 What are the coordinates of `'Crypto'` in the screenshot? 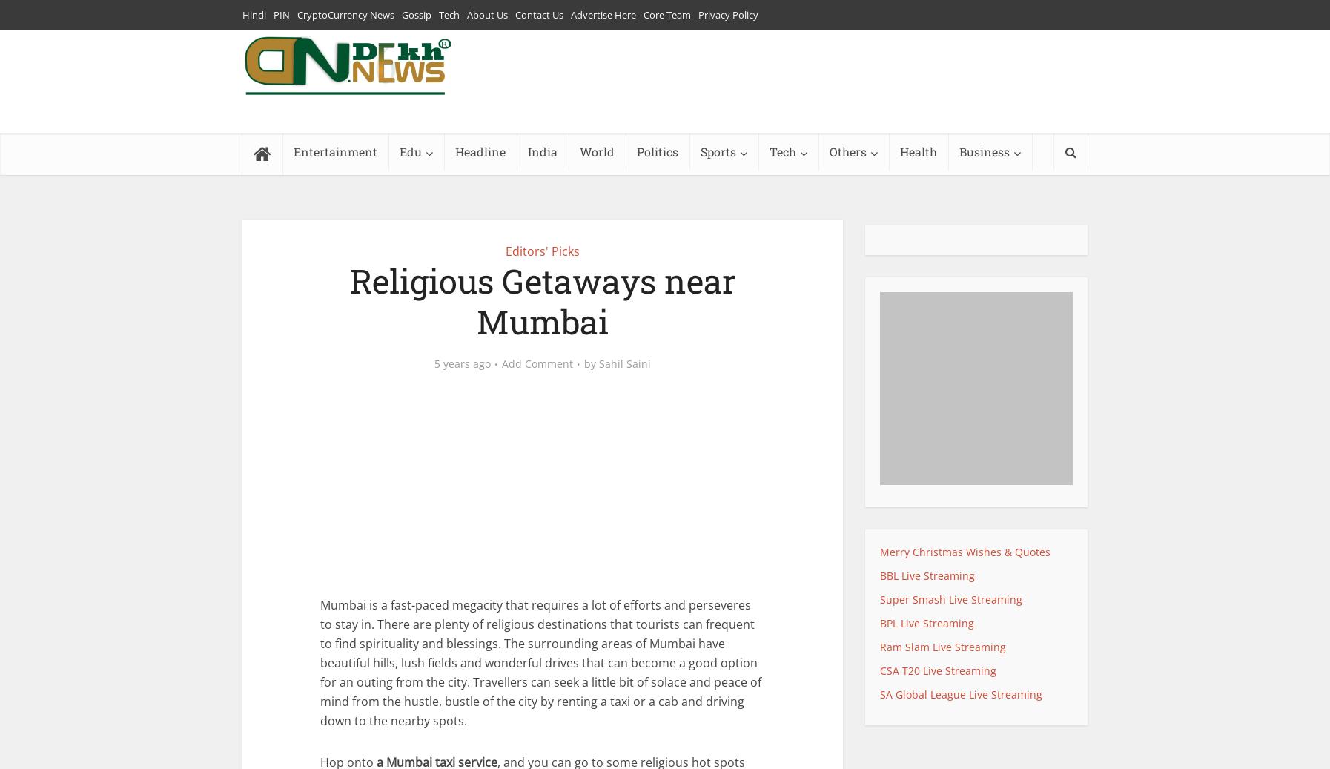 It's located at (975, 187).